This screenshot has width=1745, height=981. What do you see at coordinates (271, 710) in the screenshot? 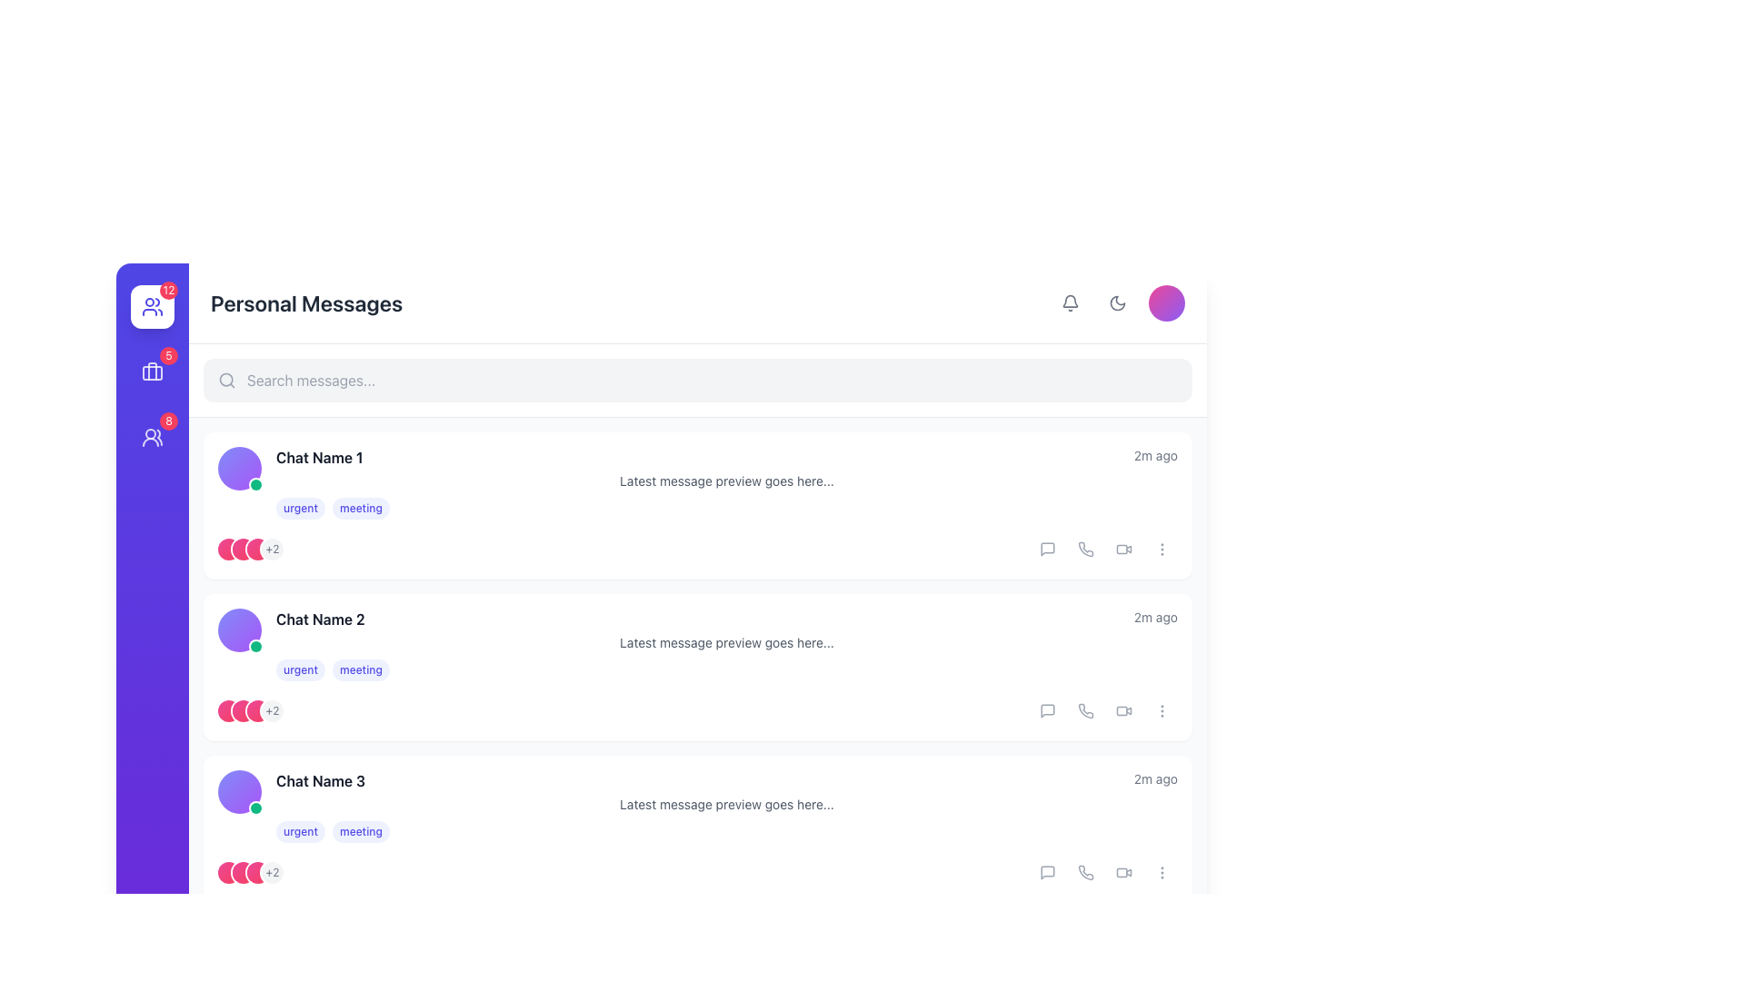
I see `the Counter badge element, which is a small circular badge displaying '+2' and located at the end of a row of overlapping avatars` at bounding box center [271, 710].